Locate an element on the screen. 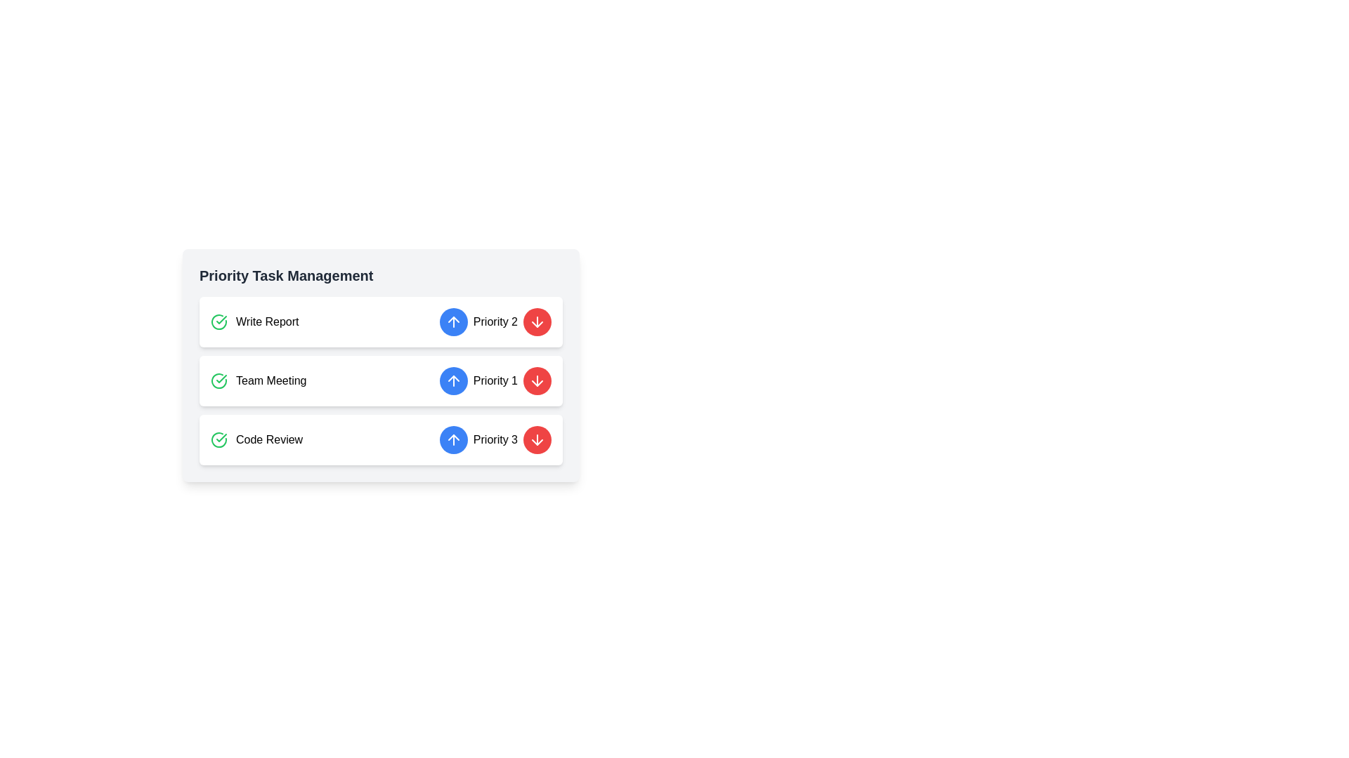 The height and width of the screenshot is (758, 1349). the green circular icon with a checkmark symbol indicating a completed task, located near the top left corner of the 'Write Report' row in the 'Priority Task Management' list is located at coordinates (219, 439).